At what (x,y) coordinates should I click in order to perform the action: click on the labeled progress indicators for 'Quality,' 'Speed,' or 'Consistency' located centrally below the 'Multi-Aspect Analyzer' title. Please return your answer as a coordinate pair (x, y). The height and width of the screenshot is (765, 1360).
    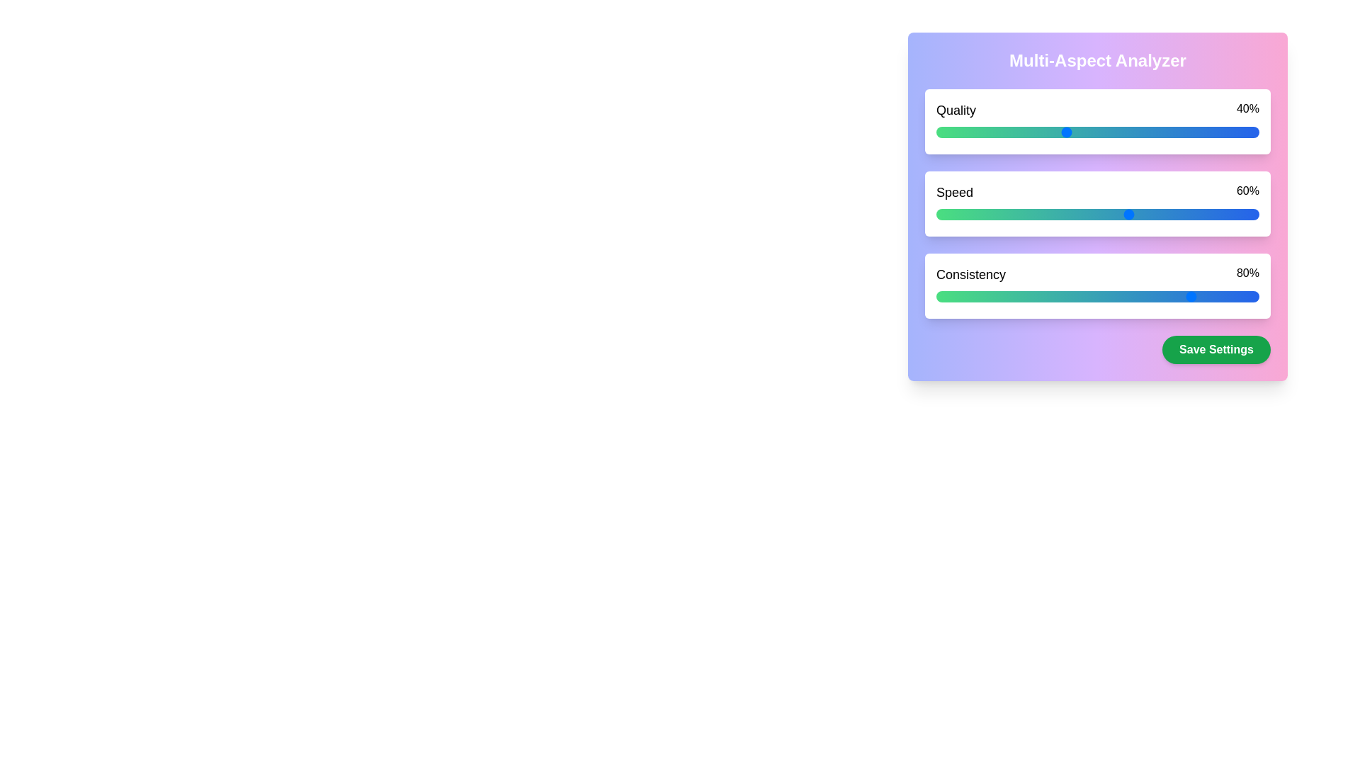
    Looking at the image, I should click on (1097, 204).